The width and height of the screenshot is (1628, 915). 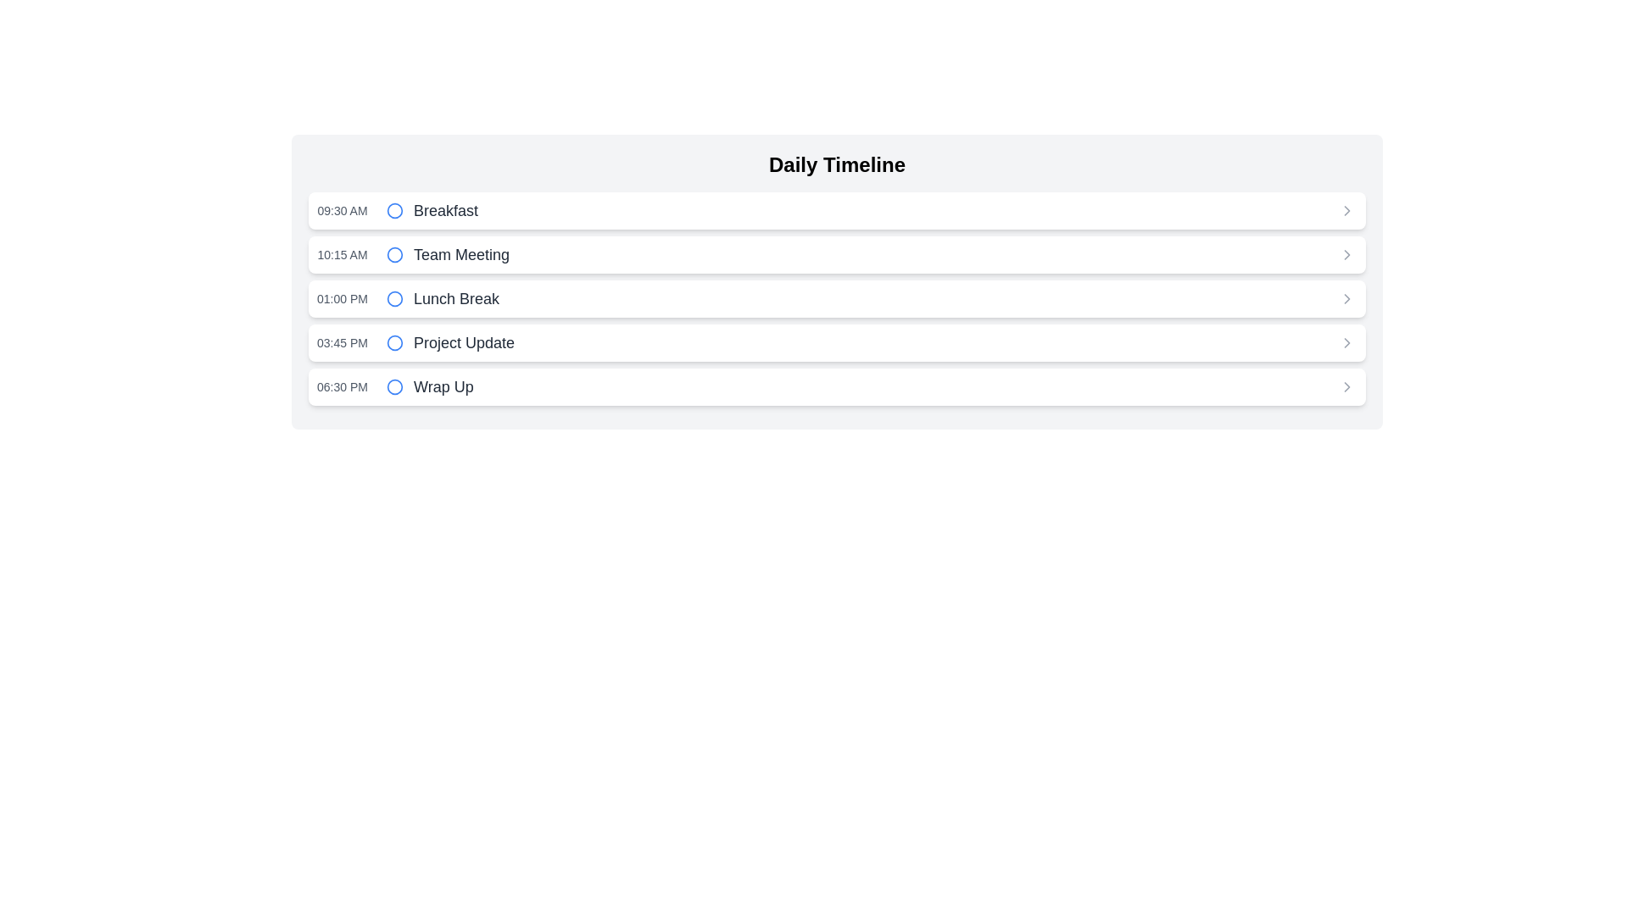 What do you see at coordinates (1346, 343) in the screenshot?
I see `the right-pointing chevron arrow icon next to the '03:45 PM Project Update' entry` at bounding box center [1346, 343].